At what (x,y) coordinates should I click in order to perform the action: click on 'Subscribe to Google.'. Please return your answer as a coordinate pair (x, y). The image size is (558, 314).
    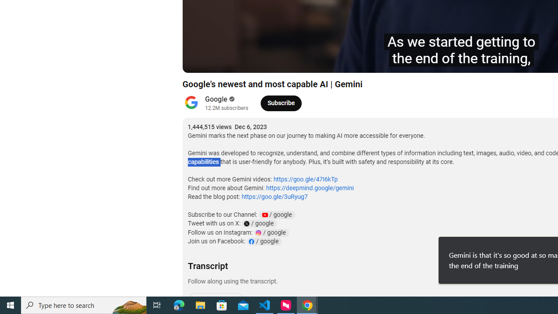
    Looking at the image, I should click on (281, 102).